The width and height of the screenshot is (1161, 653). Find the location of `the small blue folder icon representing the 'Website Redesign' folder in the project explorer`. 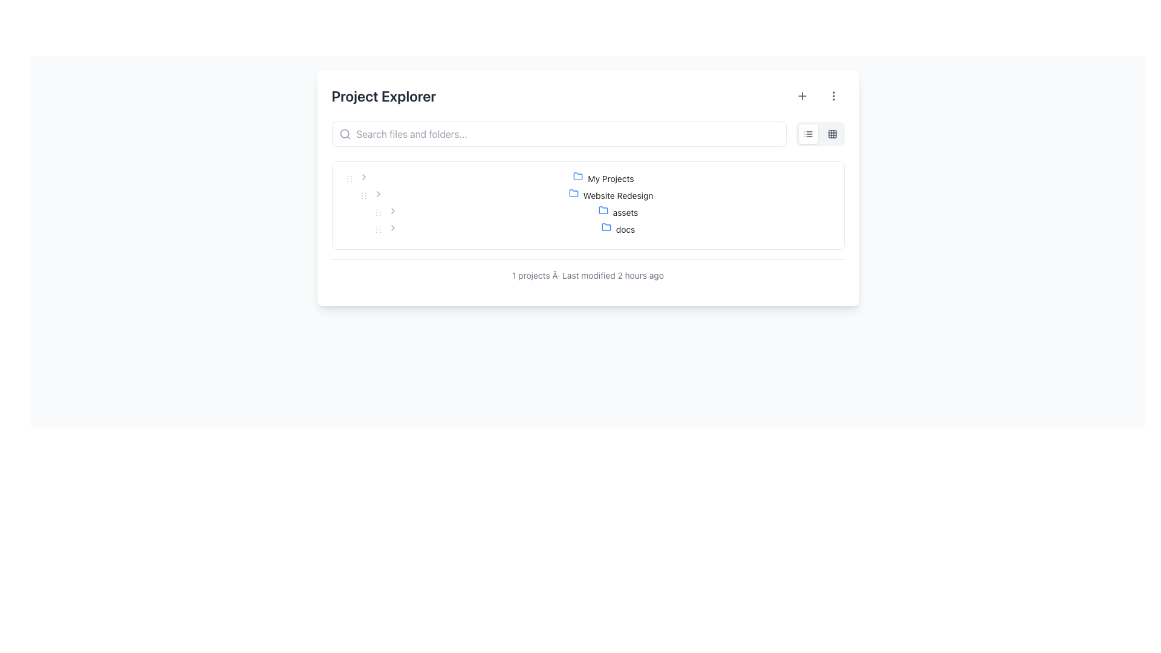

the small blue folder icon representing the 'Website Redesign' folder in the project explorer is located at coordinates (573, 193).